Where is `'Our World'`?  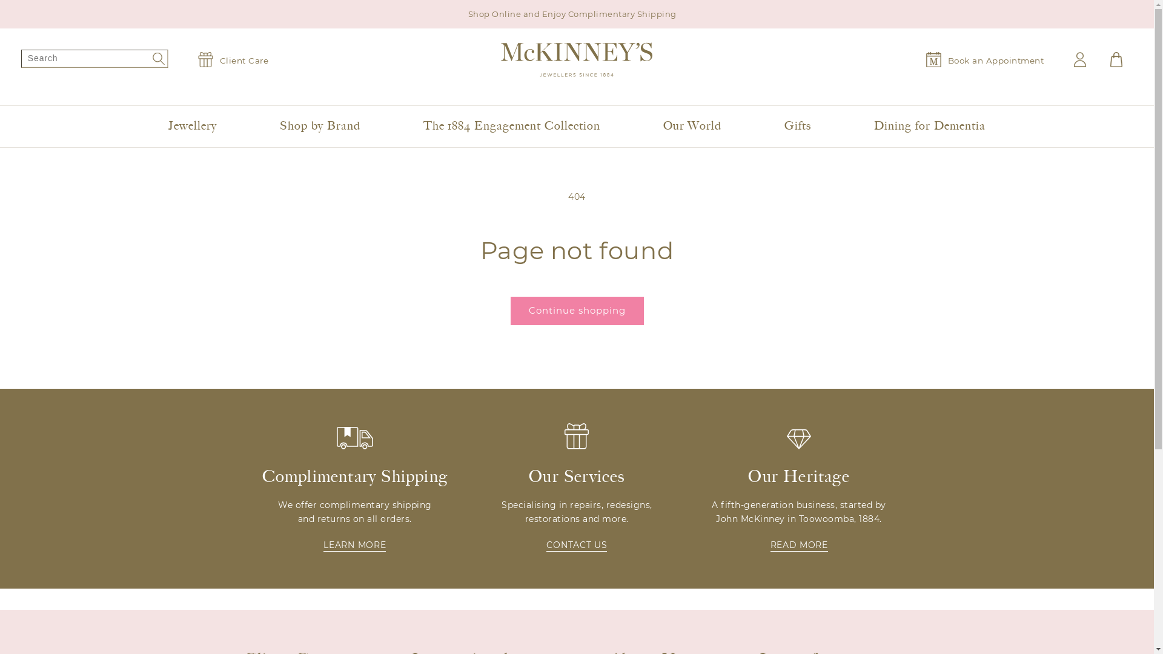
'Our World' is located at coordinates (692, 126).